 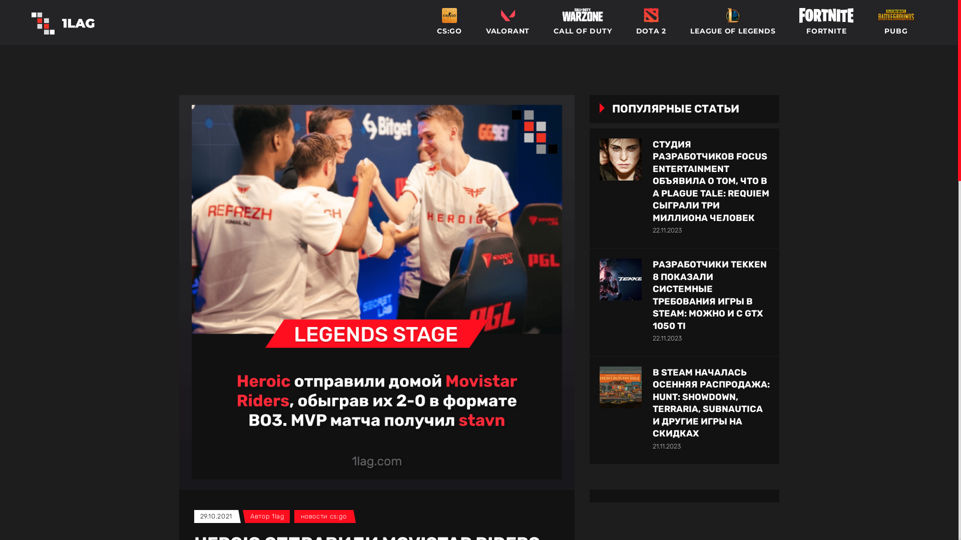 I want to click on 'CALL OF DUTY', so click(x=543, y=22).